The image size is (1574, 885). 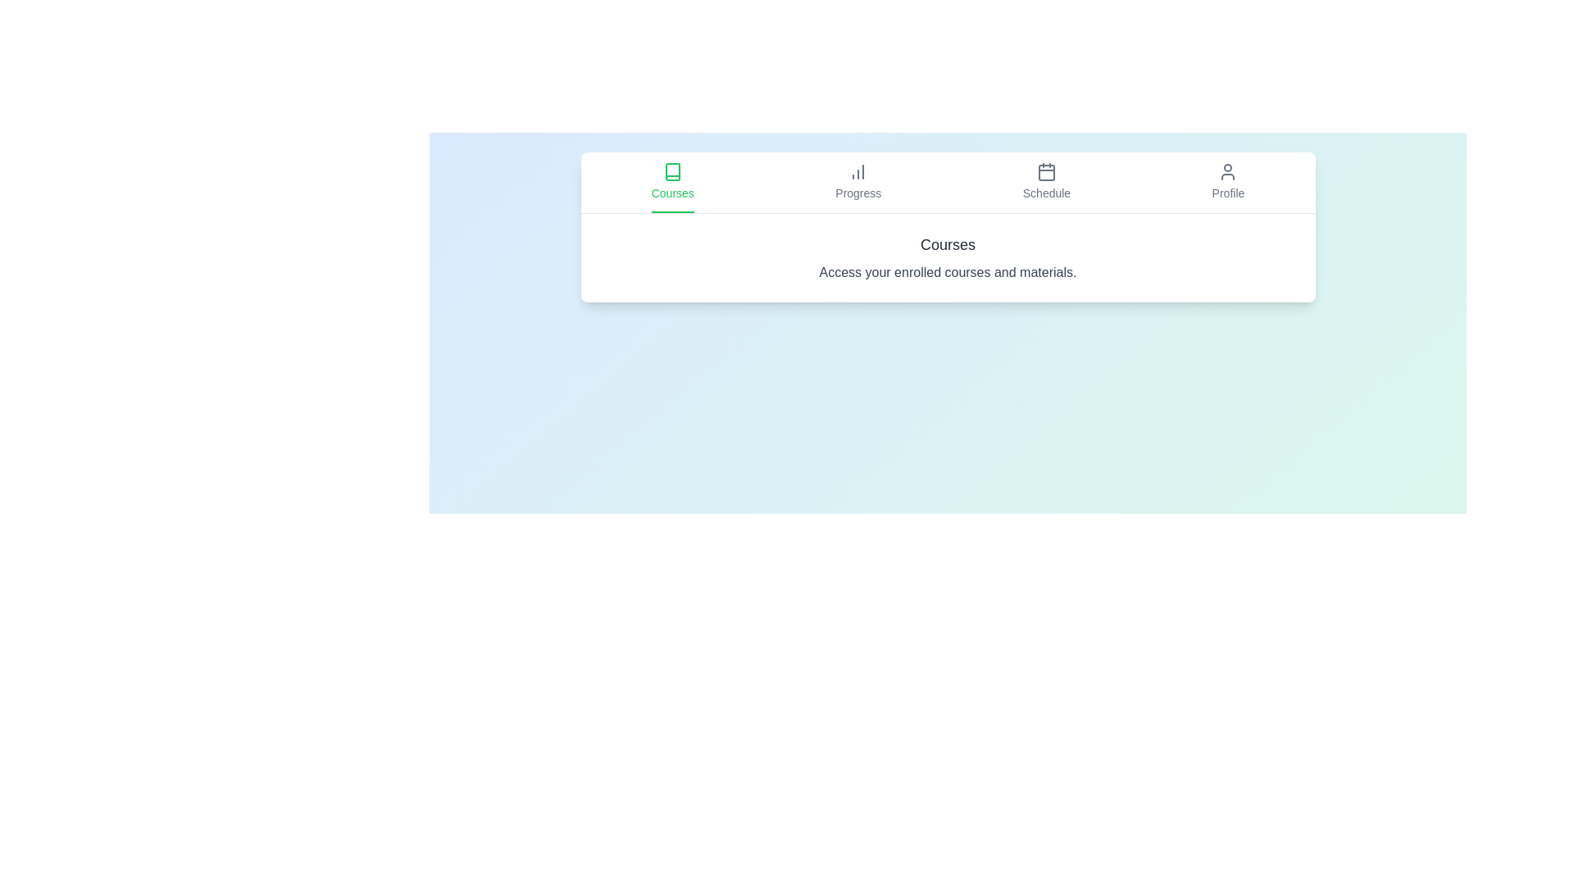 I want to click on the tab labeled Courses, so click(x=672, y=183).